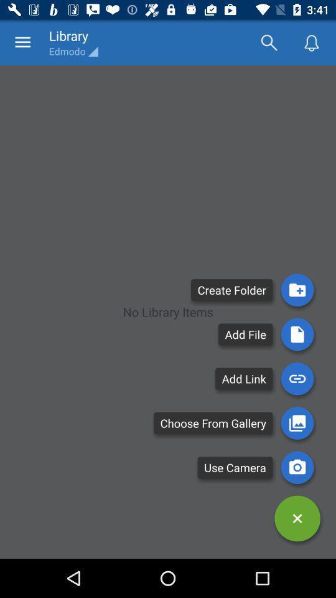  What do you see at coordinates (297, 290) in the screenshot?
I see `folder` at bounding box center [297, 290].